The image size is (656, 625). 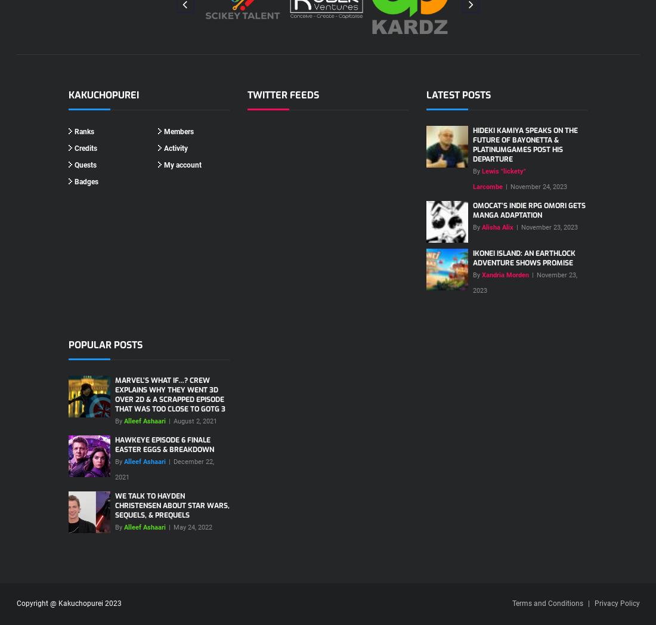 What do you see at coordinates (164, 469) in the screenshot?
I see `'December 22, 2021'` at bounding box center [164, 469].